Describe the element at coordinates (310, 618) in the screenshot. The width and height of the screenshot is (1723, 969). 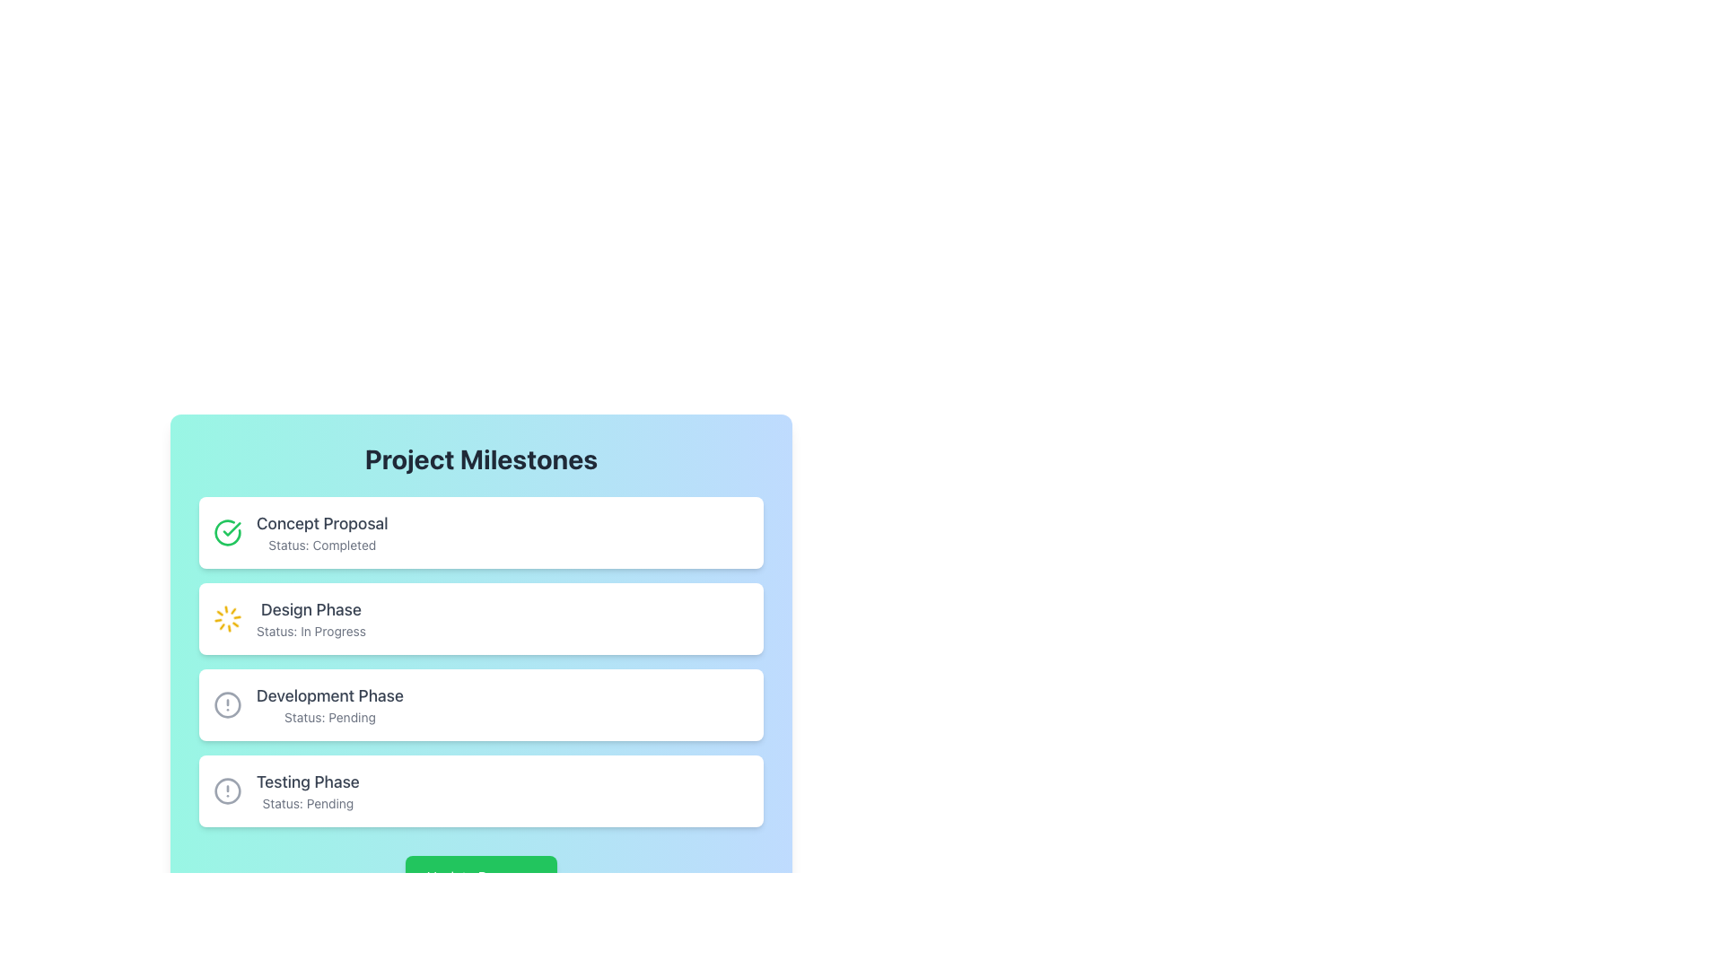
I see `the 'Design Phase' Informational Card in the Project Milestones section` at that location.